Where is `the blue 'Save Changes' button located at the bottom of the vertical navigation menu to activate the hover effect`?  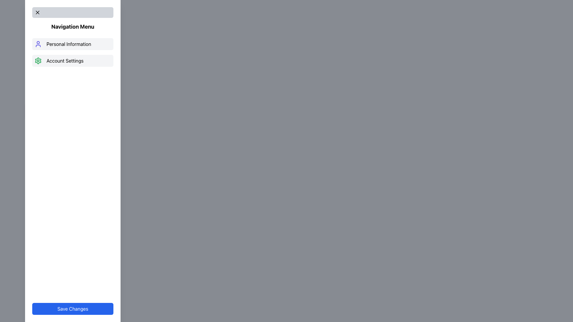 the blue 'Save Changes' button located at the bottom of the vertical navigation menu to activate the hover effect is located at coordinates (73, 309).